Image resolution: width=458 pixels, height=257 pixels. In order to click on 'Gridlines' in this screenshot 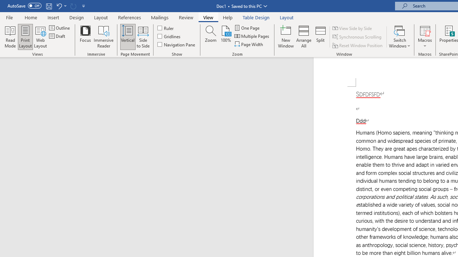, I will do `click(169, 36)`.